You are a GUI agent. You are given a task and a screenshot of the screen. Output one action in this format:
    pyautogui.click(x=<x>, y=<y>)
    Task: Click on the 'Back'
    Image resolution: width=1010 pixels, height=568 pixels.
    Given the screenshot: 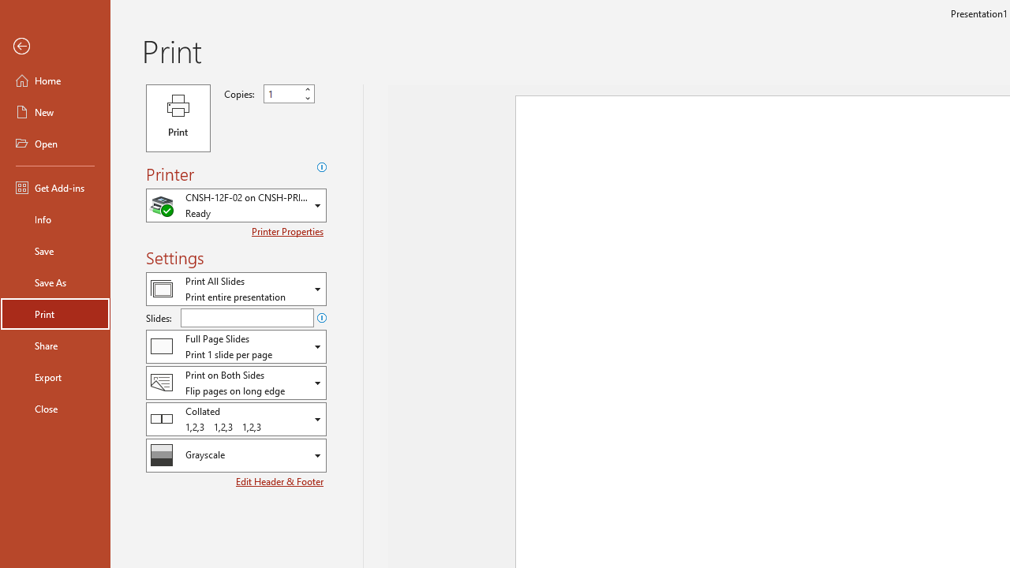 What is the action you would take?
    pyautogui.click(x=54, y=46)
    